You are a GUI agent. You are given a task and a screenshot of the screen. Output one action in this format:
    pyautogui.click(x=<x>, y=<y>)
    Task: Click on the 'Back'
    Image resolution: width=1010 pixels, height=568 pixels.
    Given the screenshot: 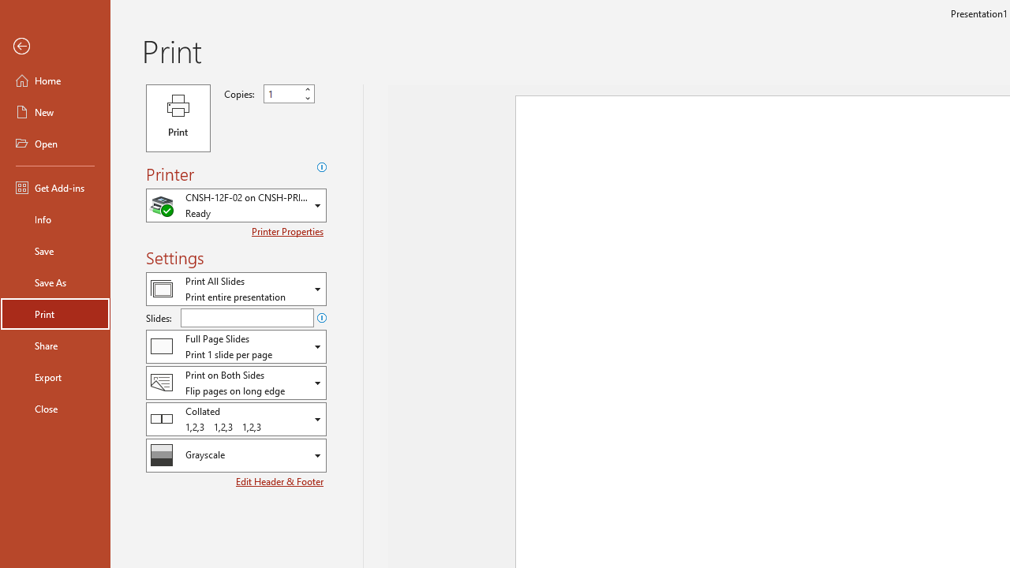 What is the action you would take?
    pyautogui.click(x=54, y=46)
    